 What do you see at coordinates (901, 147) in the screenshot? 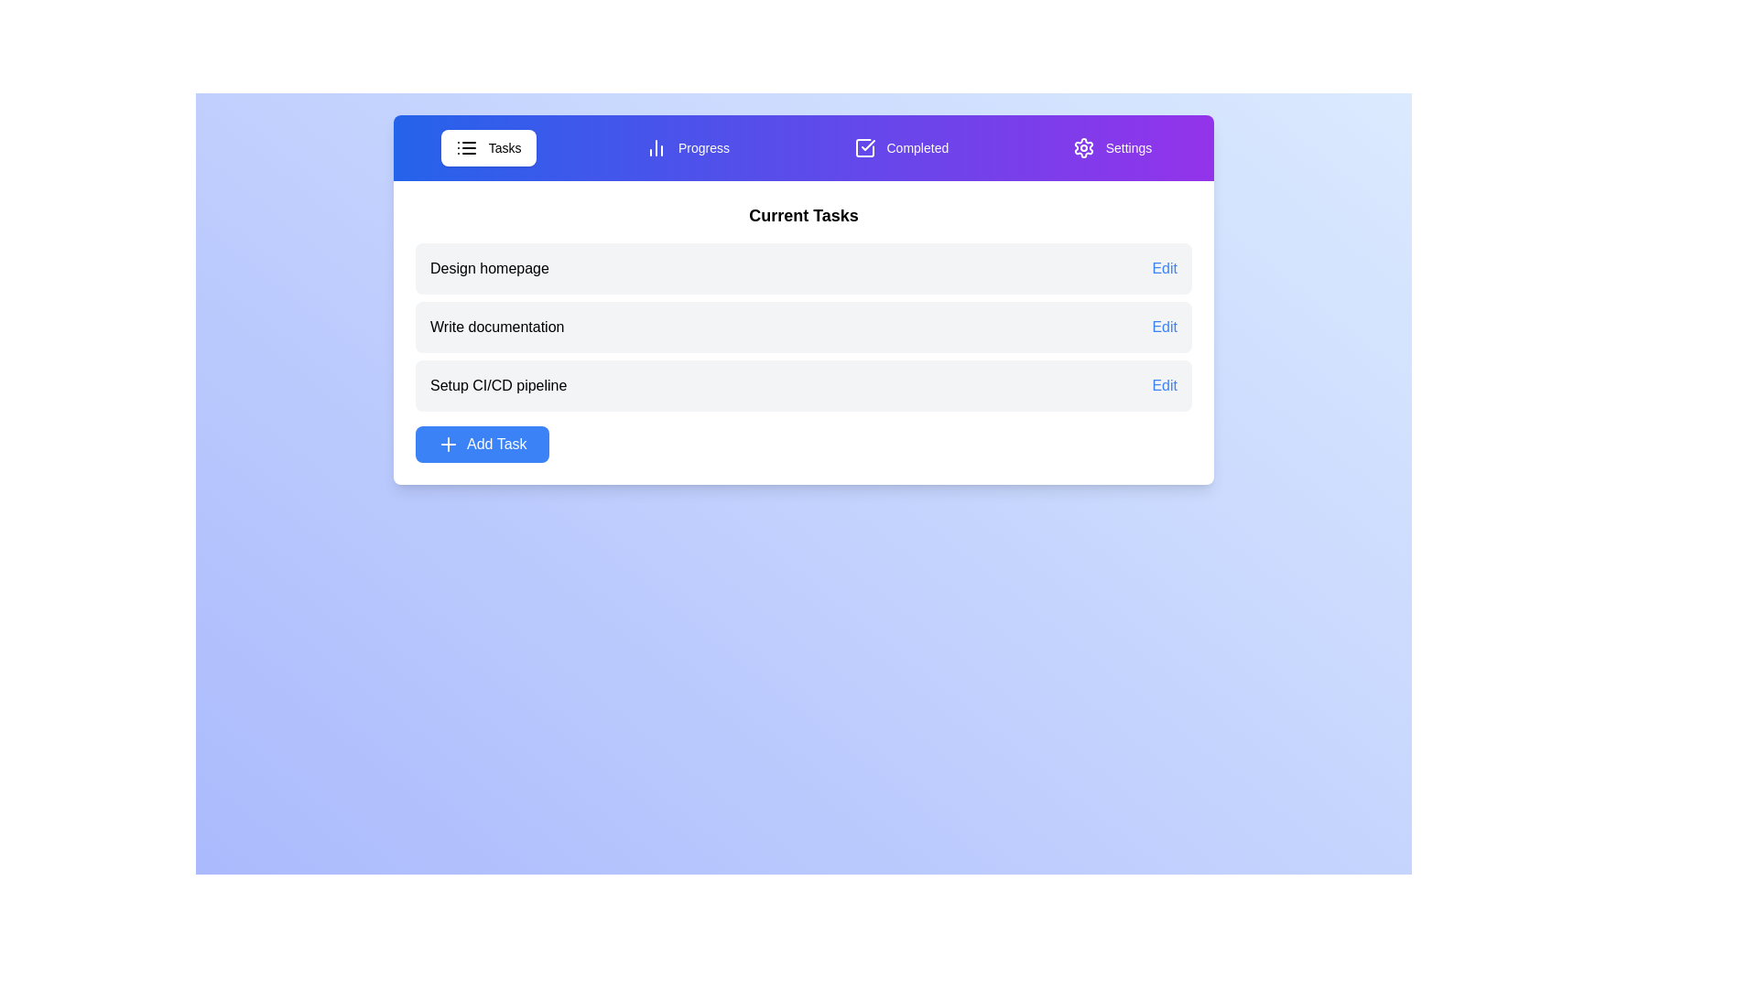
I see `the navigation button that directs the user to the 'Completed' section, which is the third button from the left in the navigation bar` at bounding box center [901, 147].